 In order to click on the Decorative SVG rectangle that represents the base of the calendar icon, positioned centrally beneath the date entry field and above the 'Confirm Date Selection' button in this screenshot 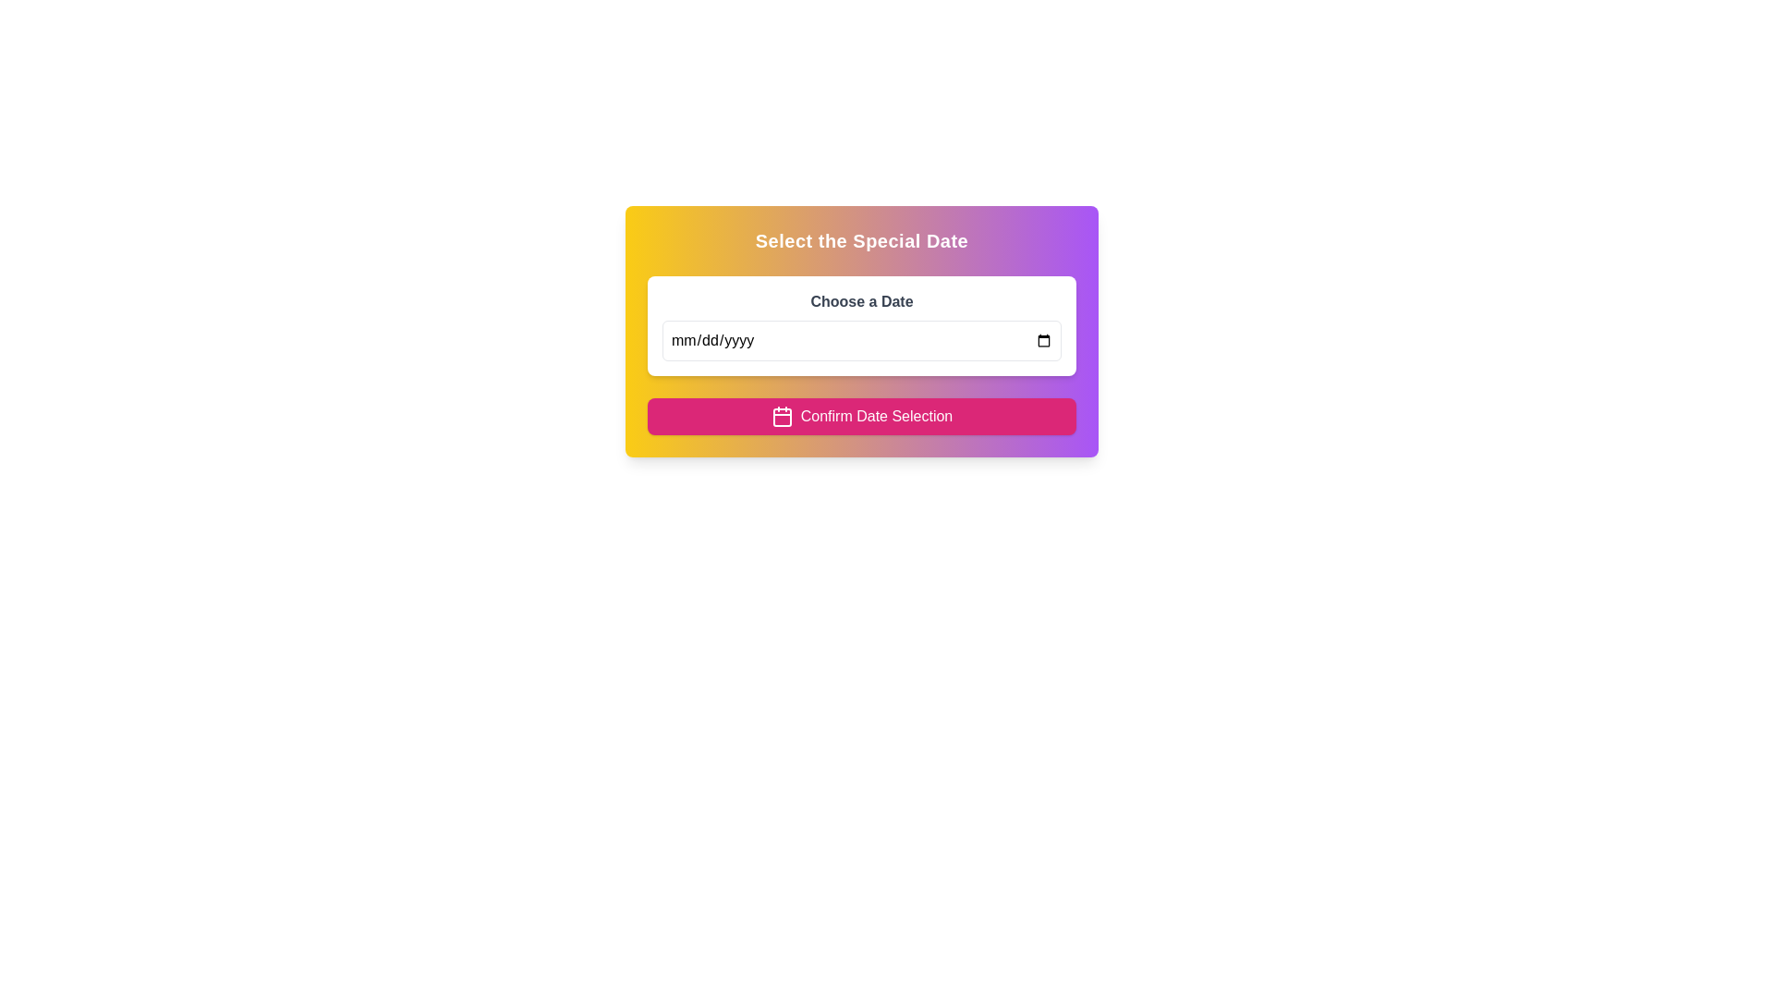, I will do `click(782, 417)`.